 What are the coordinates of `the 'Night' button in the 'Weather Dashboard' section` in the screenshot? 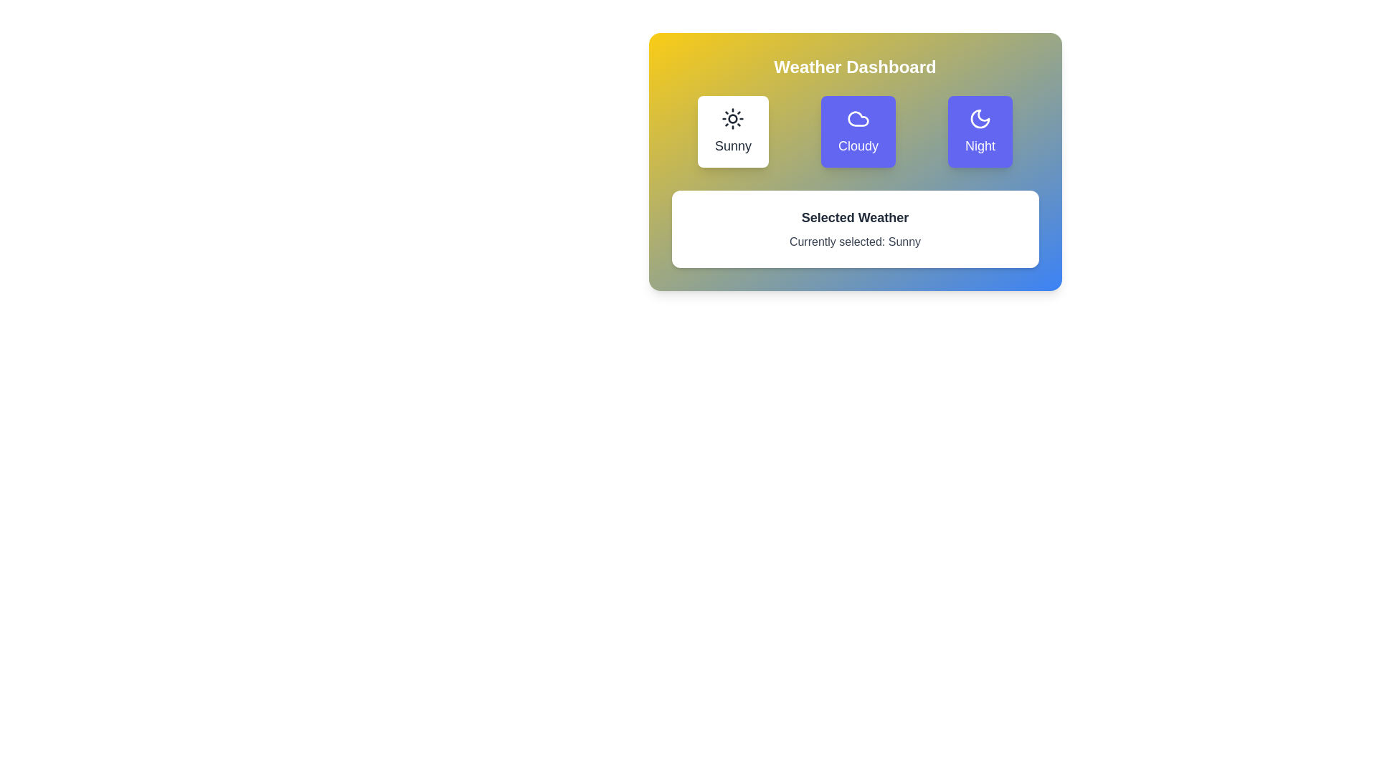 It's located at (980, 132).